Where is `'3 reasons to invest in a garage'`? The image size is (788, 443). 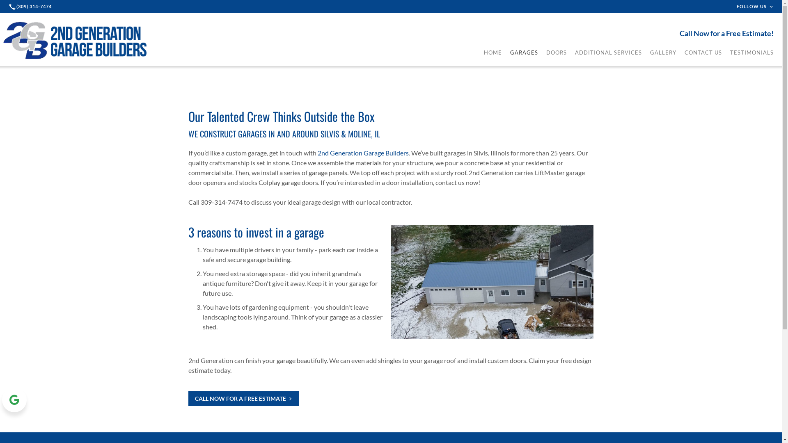
'3 reasons to invest in a garage' is located at coordinates (256, 232).